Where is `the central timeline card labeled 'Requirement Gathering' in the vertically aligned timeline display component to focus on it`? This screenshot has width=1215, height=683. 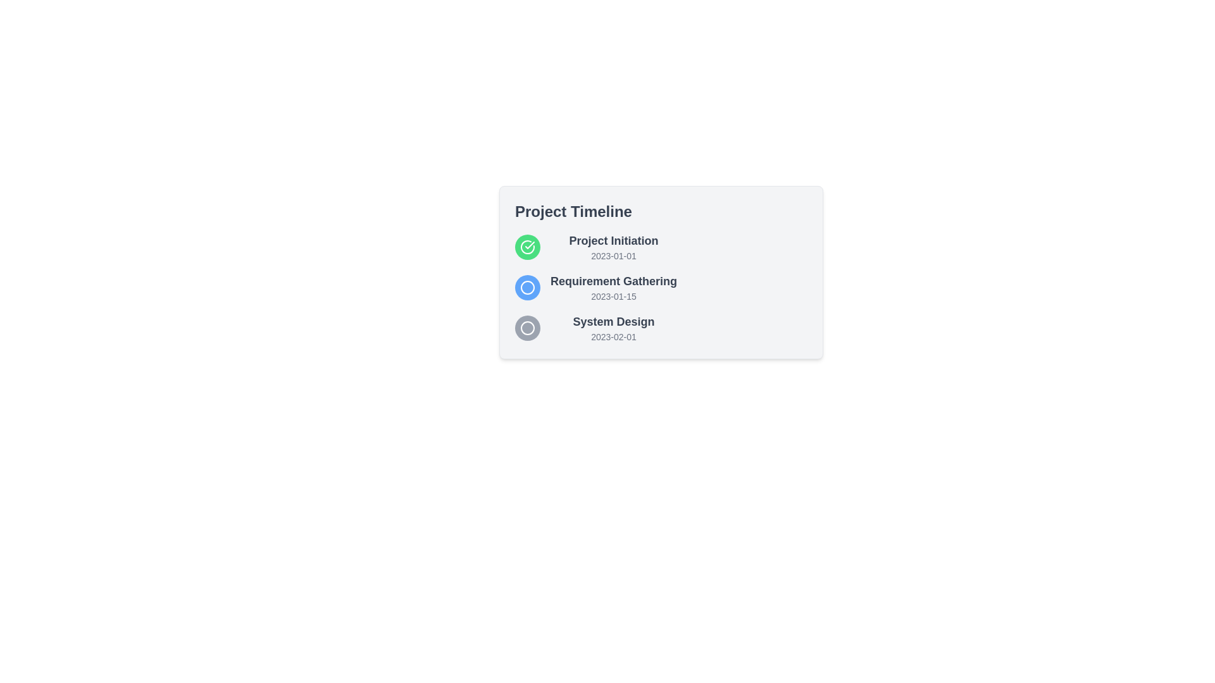 the central timeline card labeled 'Requirement Gathering' in the vertically aligned timeline display component to focus on it is located at coordinates (661, 272).